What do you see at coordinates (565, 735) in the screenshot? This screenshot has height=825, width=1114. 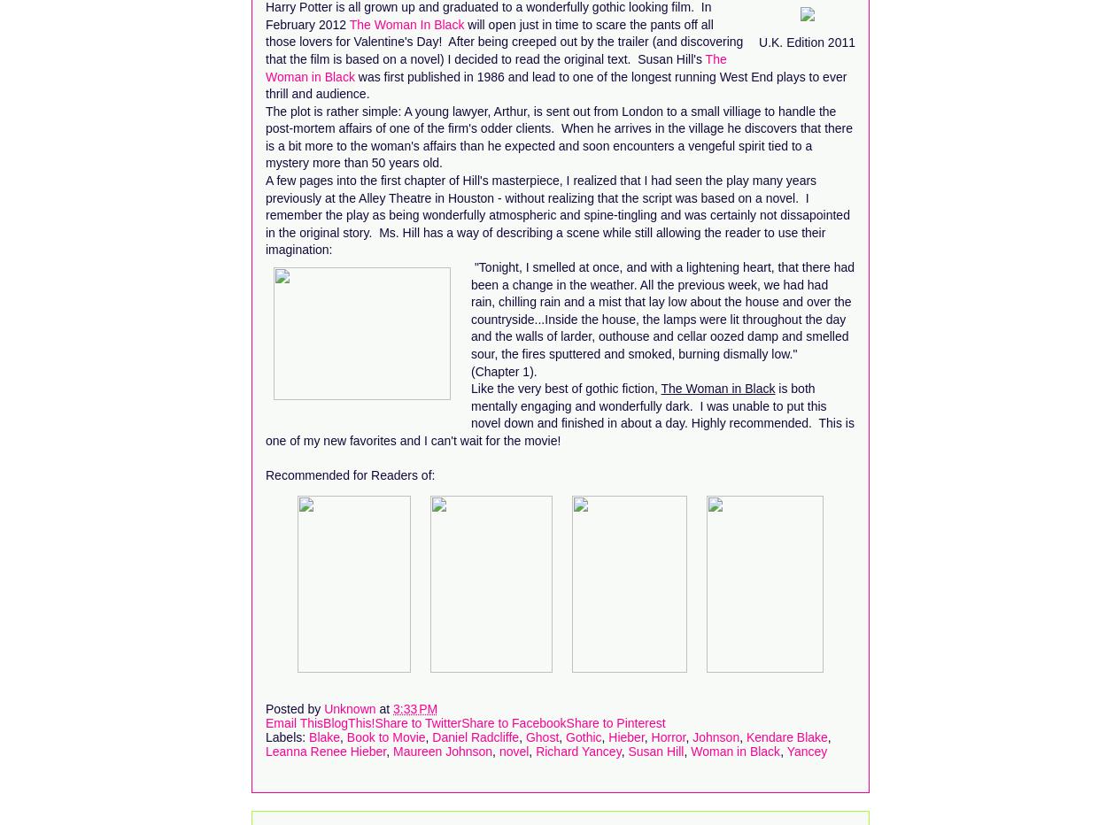 I see `'Gothic'` at bounding box center [565, 735].